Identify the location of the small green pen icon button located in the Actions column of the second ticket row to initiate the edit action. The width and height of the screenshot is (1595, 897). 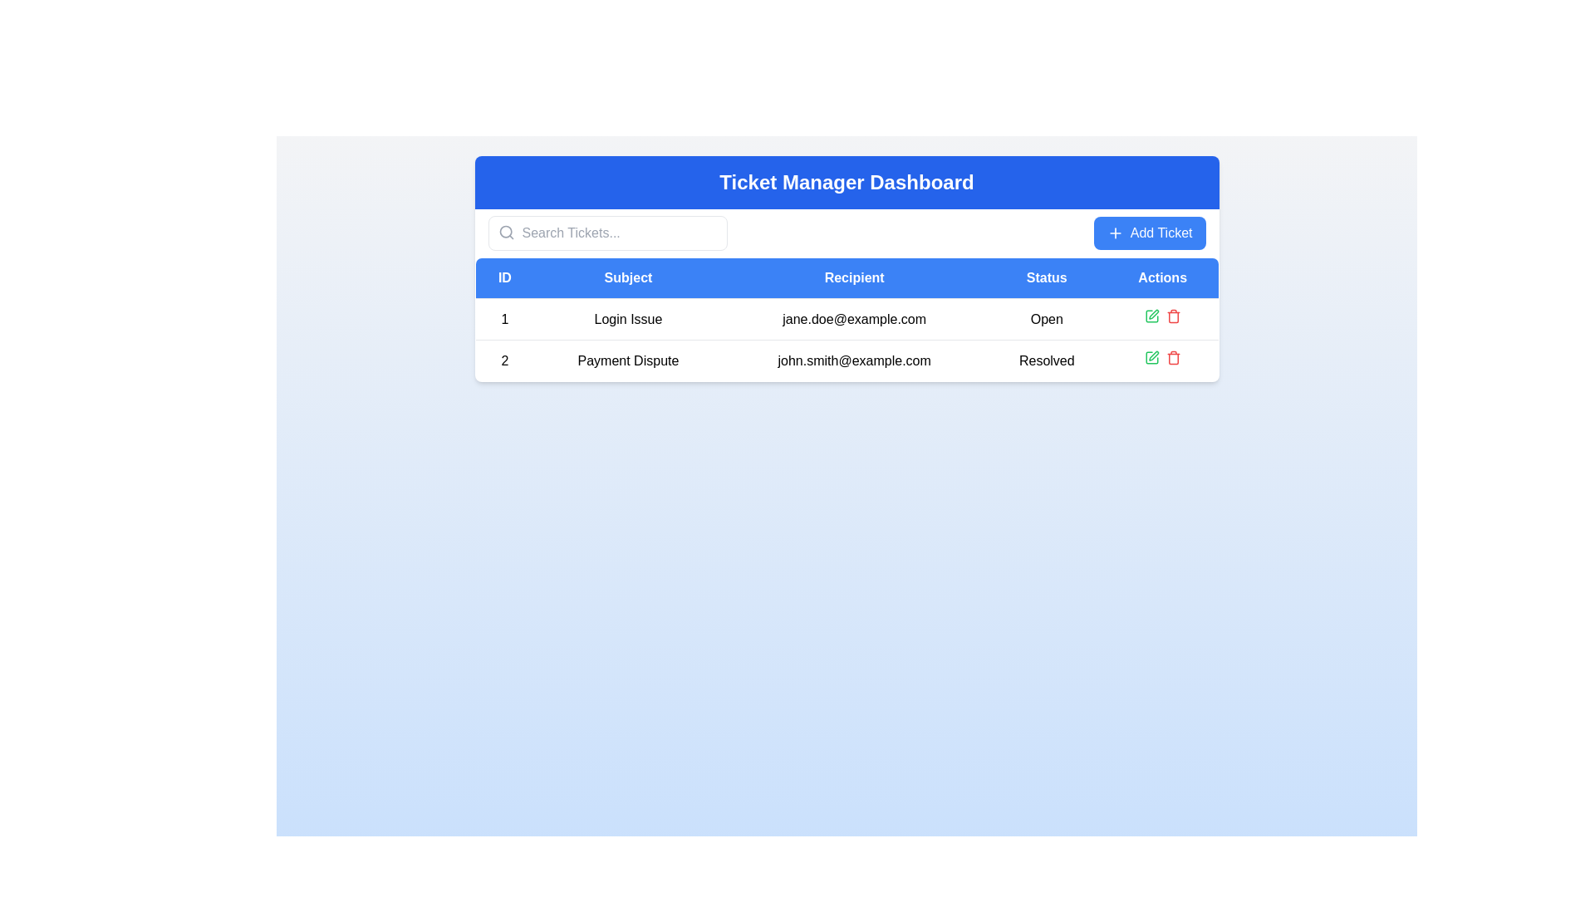
(1151, 316).